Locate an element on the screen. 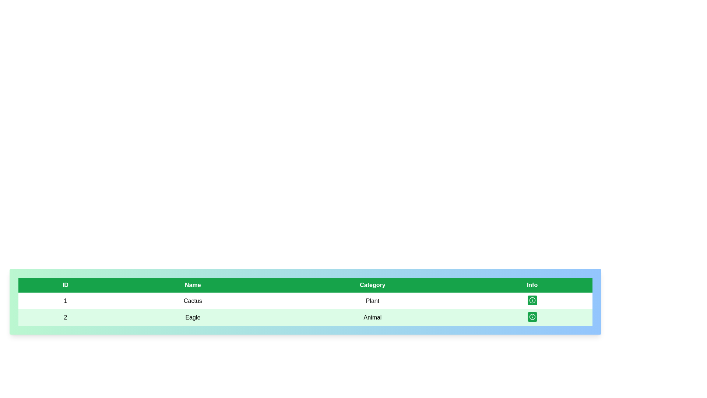 This screenshot has height=398, width=707. the text element displaying 'Eagle' in the 'Name' field of the second row in the data table is located at coordinates (193, 317).